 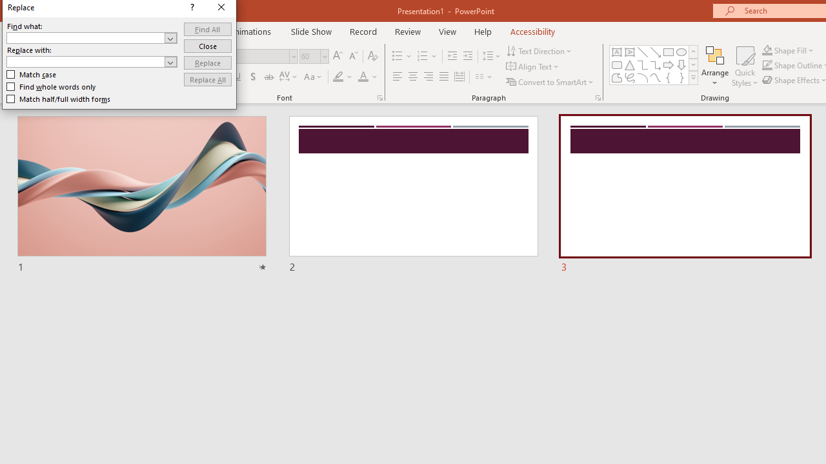 I want to click on 'Match case', so click(x=32, y=74).